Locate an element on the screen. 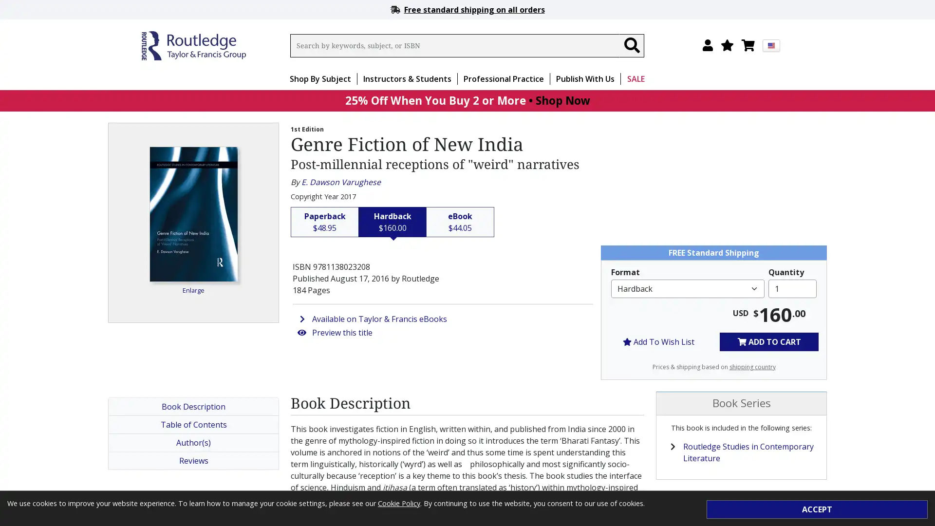 This screenshot has height=526, width=935. ADD TO CART is located at coordinates (768, 341).